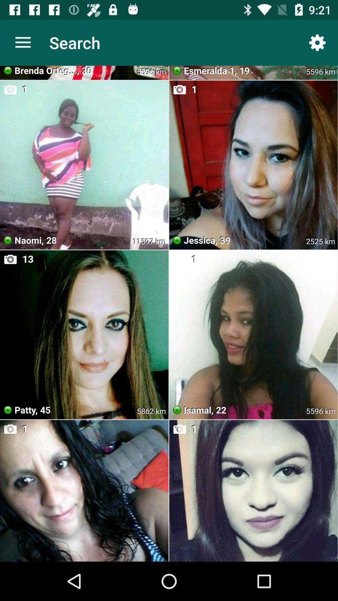  I want to click on icon to the left of search item, so click(23, 42).